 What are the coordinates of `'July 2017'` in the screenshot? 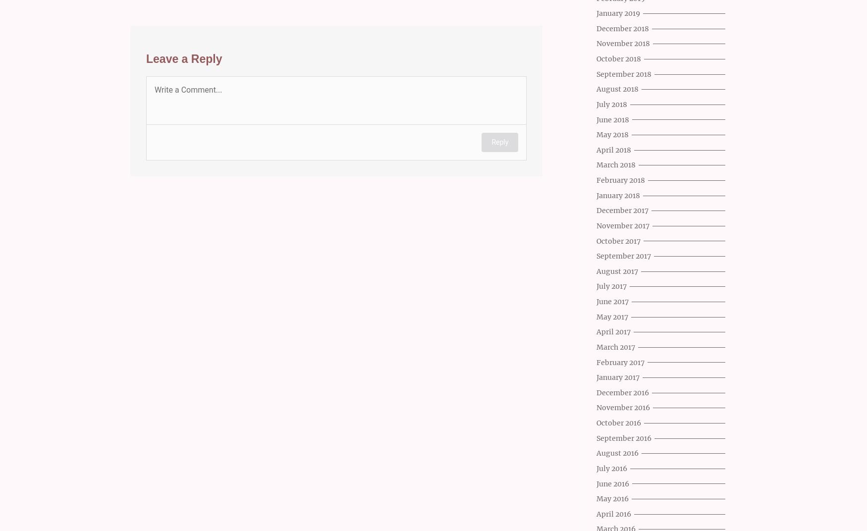 It's located at (611, 286).